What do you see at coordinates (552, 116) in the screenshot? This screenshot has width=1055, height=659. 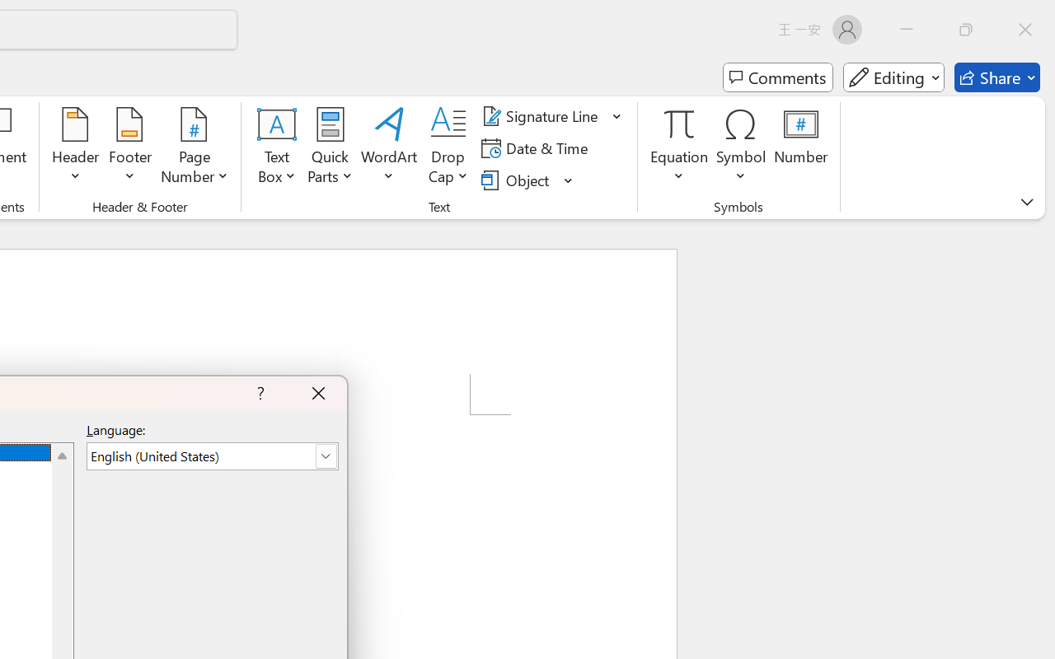 I see `'Signature Line'` at bounding box center [552, 116].